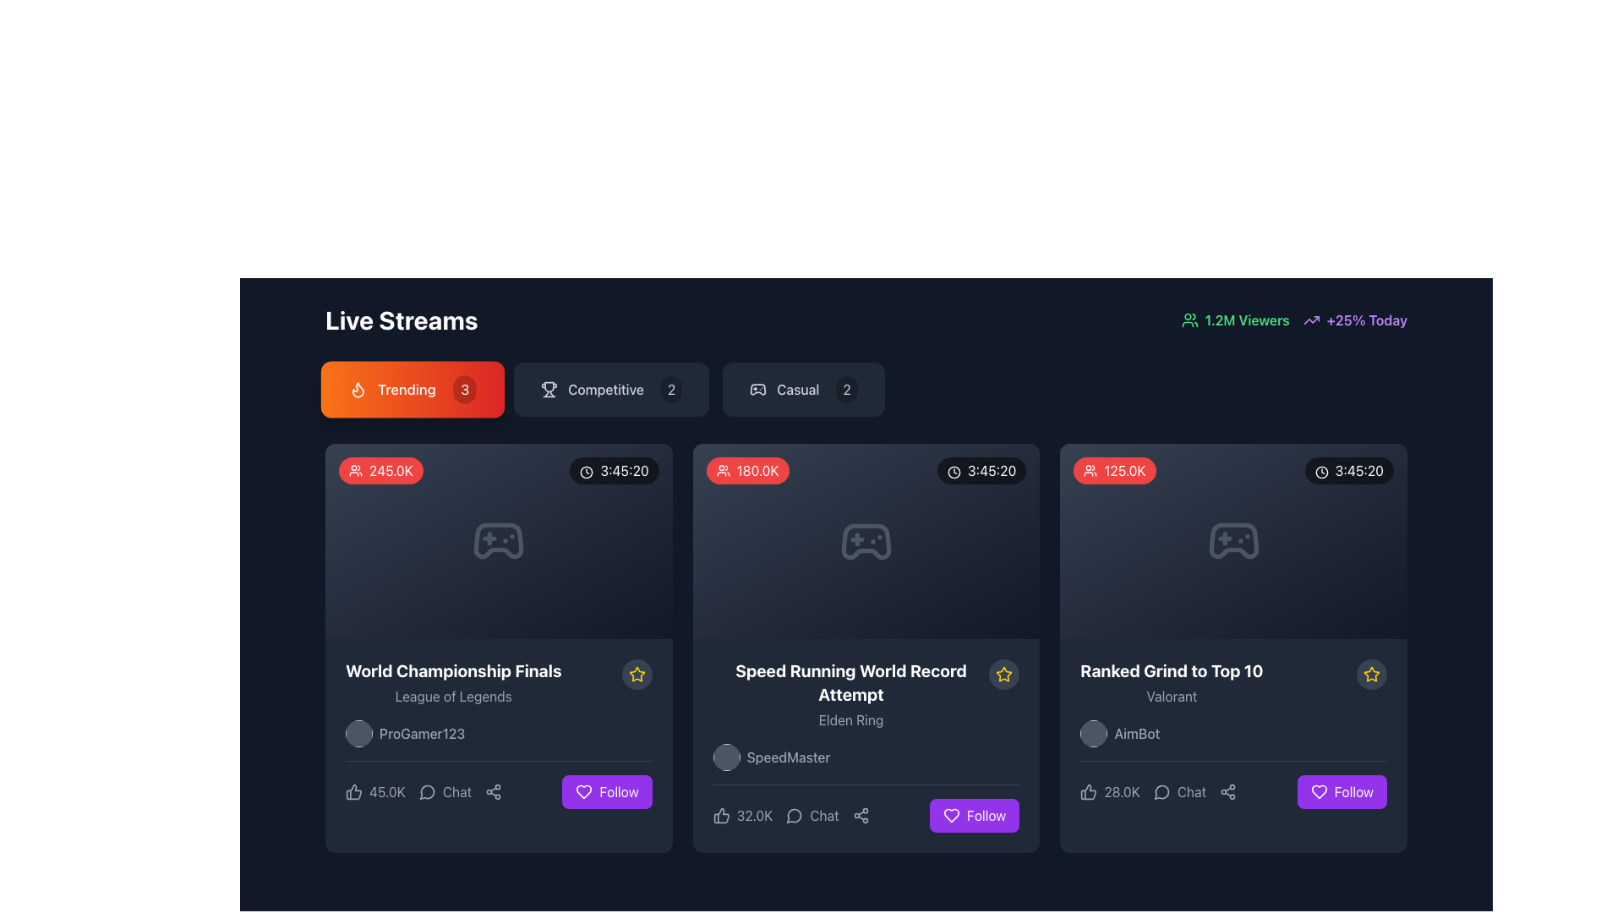  I want to click on the text-based display element that serves as the title and subtitle of the video, located in the central card of a three-card layout, positioned above the user details section, so click(866, 694).